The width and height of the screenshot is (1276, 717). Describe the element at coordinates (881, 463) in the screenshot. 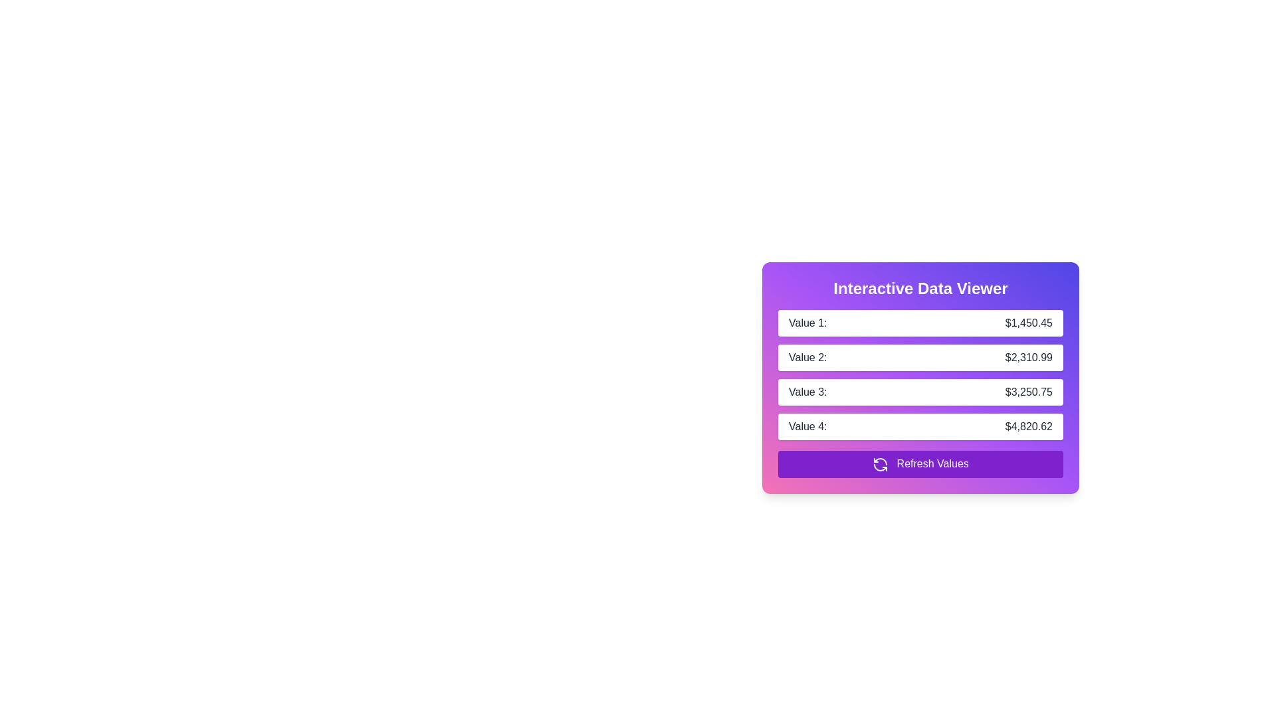

I see `the 'Refresh Values' button located at the bottom-right corner of the interface, which contains the refresh icon` at that location.